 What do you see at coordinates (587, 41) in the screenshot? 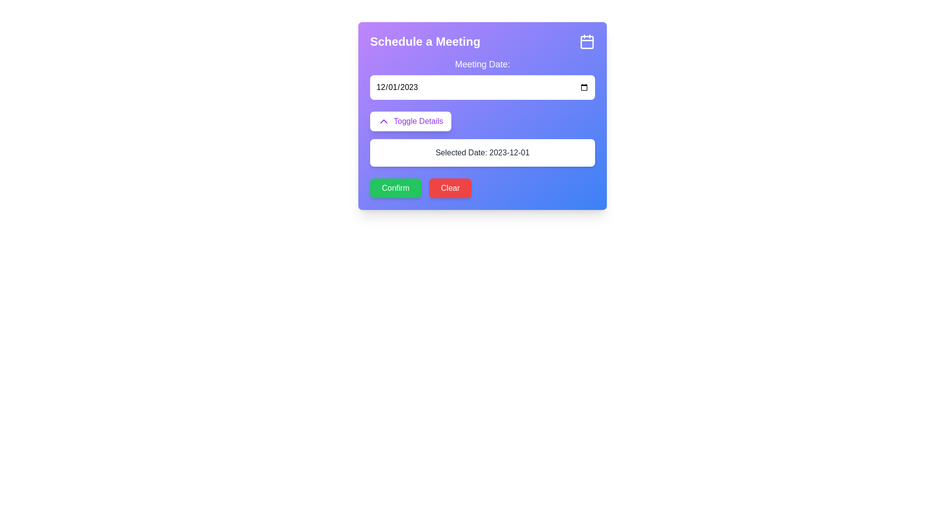
I see `the calendar icon located in the top-right corner of the interface, adjacent to the 'Schedule a Meeting' text` at bounding box center [587, 41].